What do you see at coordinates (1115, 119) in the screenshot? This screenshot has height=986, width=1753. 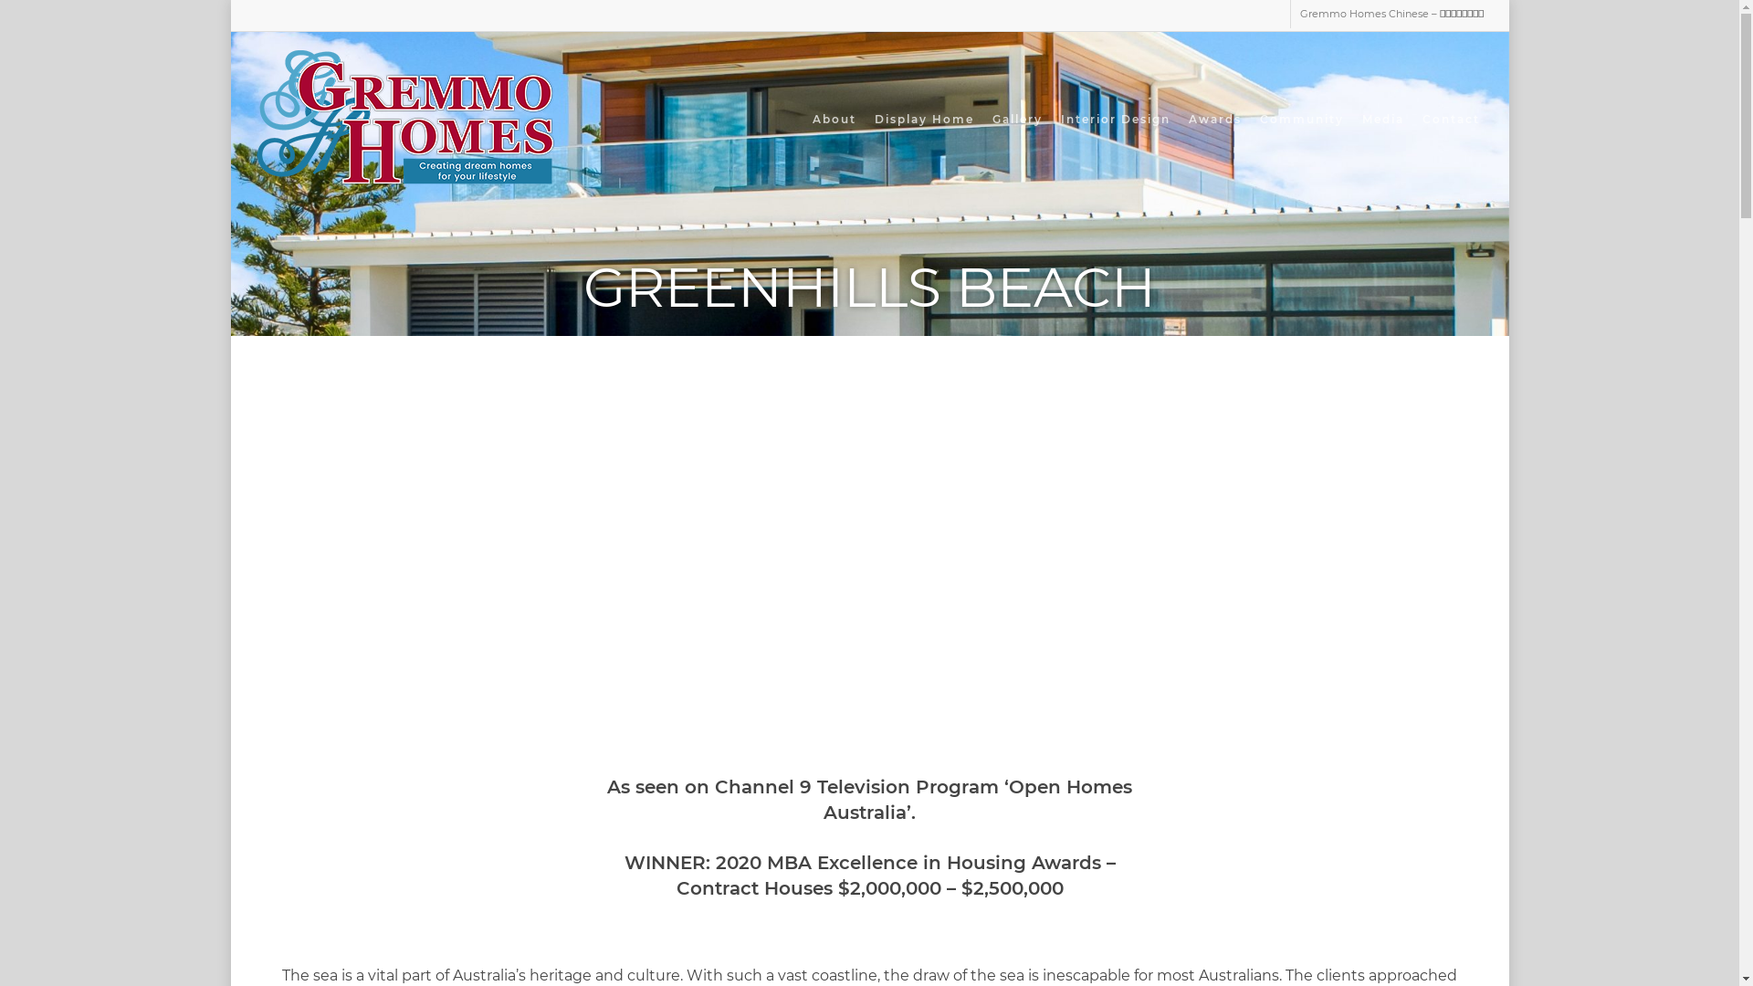 I see `'Interior Design'` at bounding box center [1115, 119].